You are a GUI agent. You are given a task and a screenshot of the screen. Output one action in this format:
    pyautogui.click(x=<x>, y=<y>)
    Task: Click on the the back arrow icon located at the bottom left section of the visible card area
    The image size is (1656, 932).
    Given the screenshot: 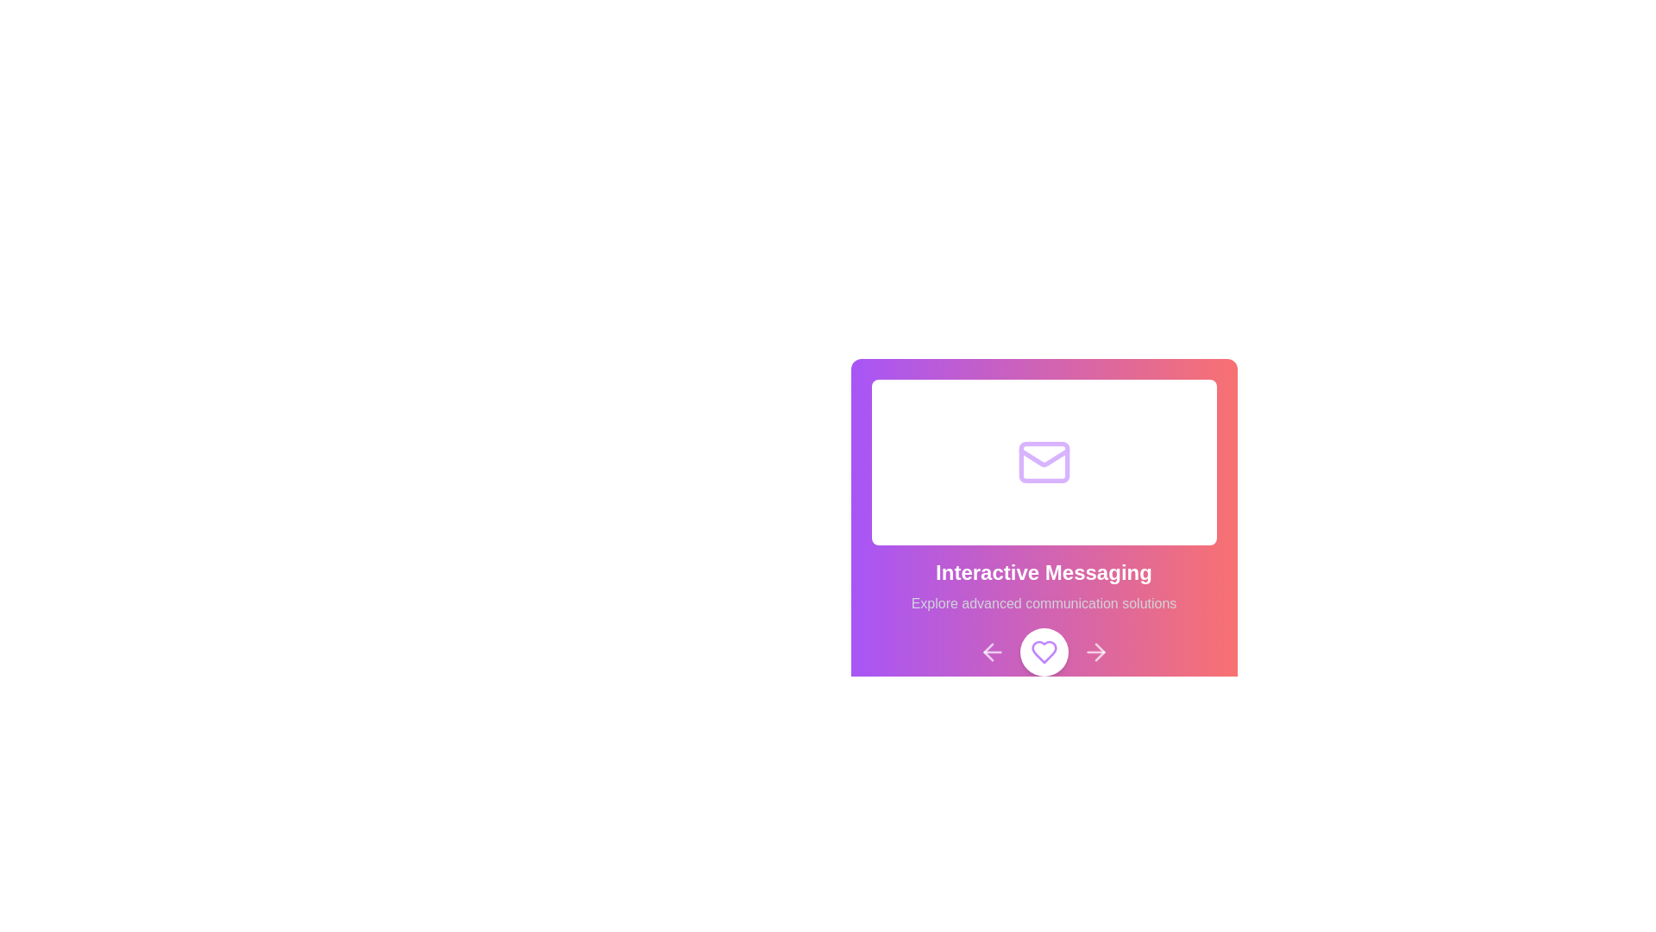 What is the action you would take?
    pyautogui.click(x=988, y=652)
    